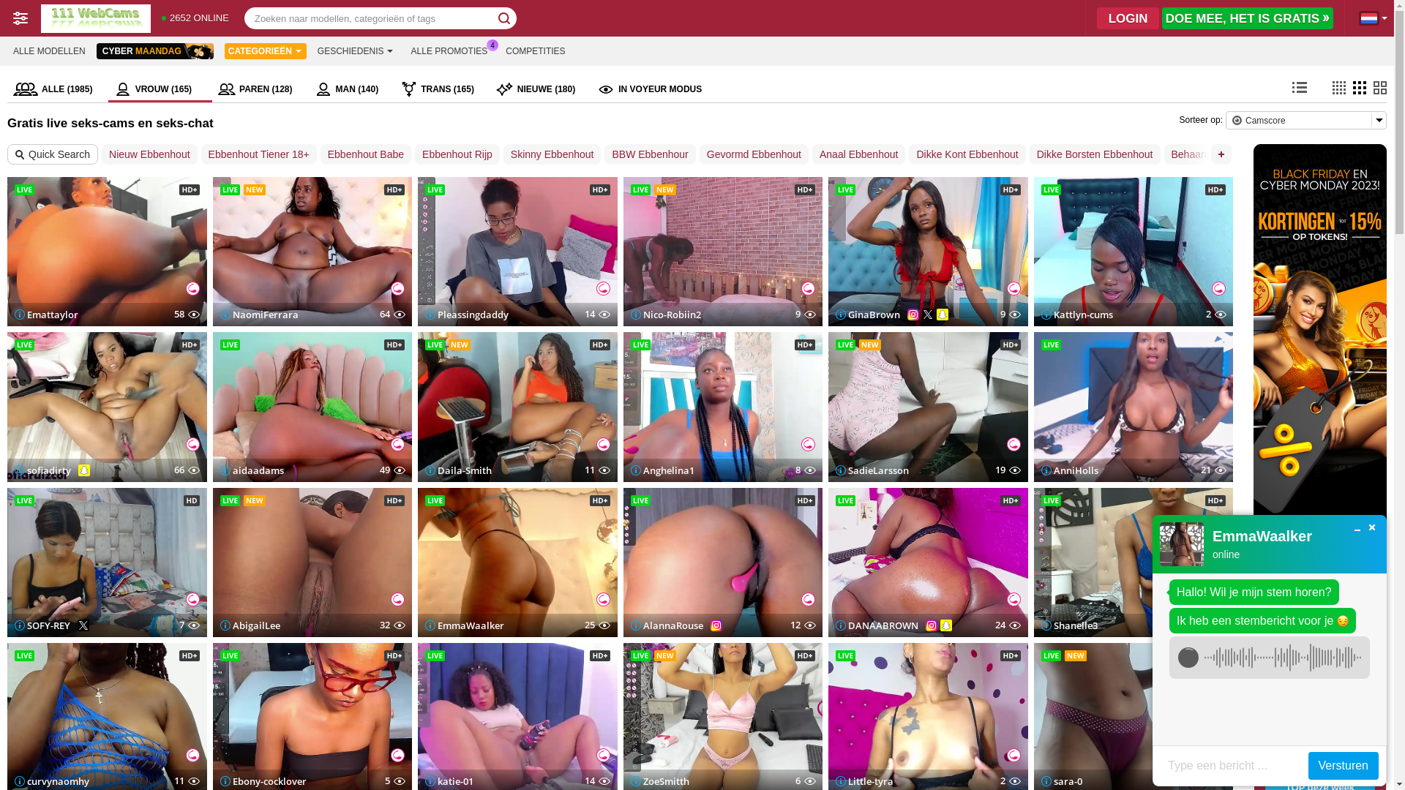 The height and width of the screenshot is (790, 1405). Describe the element at coordinates (351, 89) in the screenshot. I see `'MAN (140)'` at that location.